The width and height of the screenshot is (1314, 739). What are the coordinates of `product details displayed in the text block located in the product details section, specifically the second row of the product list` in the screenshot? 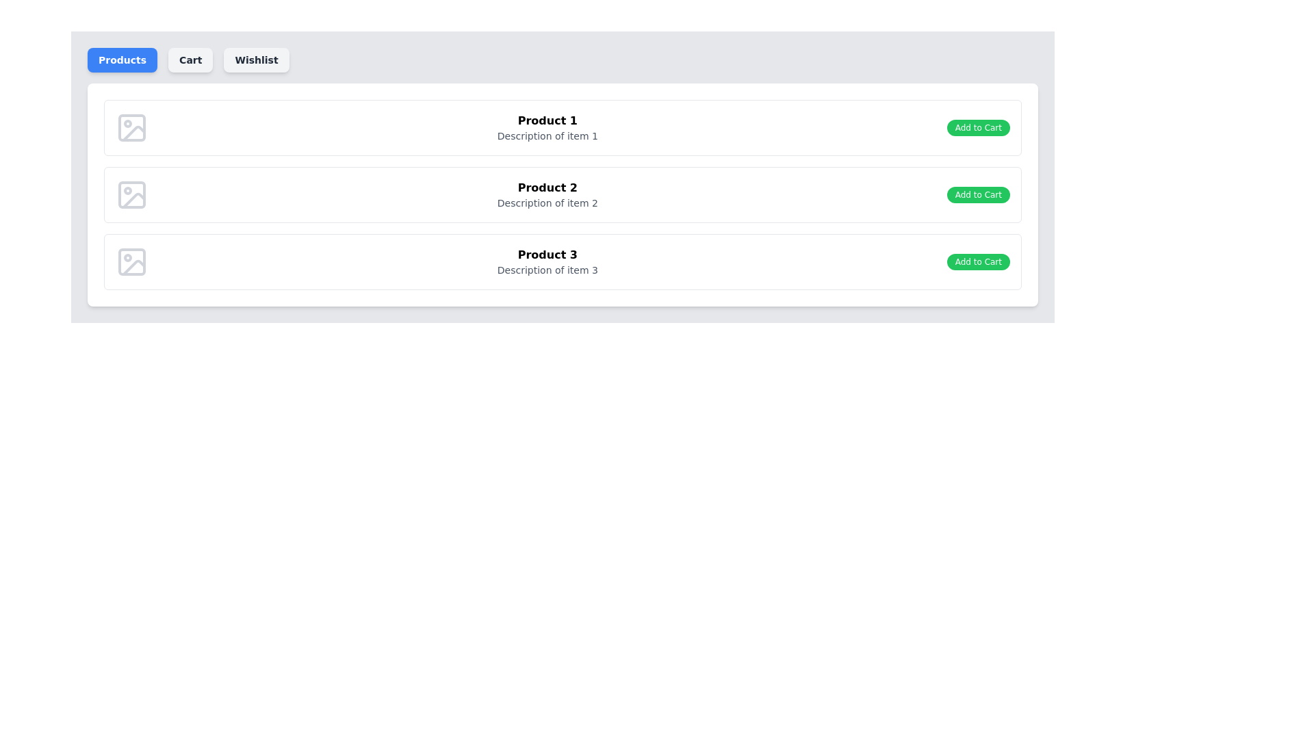 It's located at (547, 195).